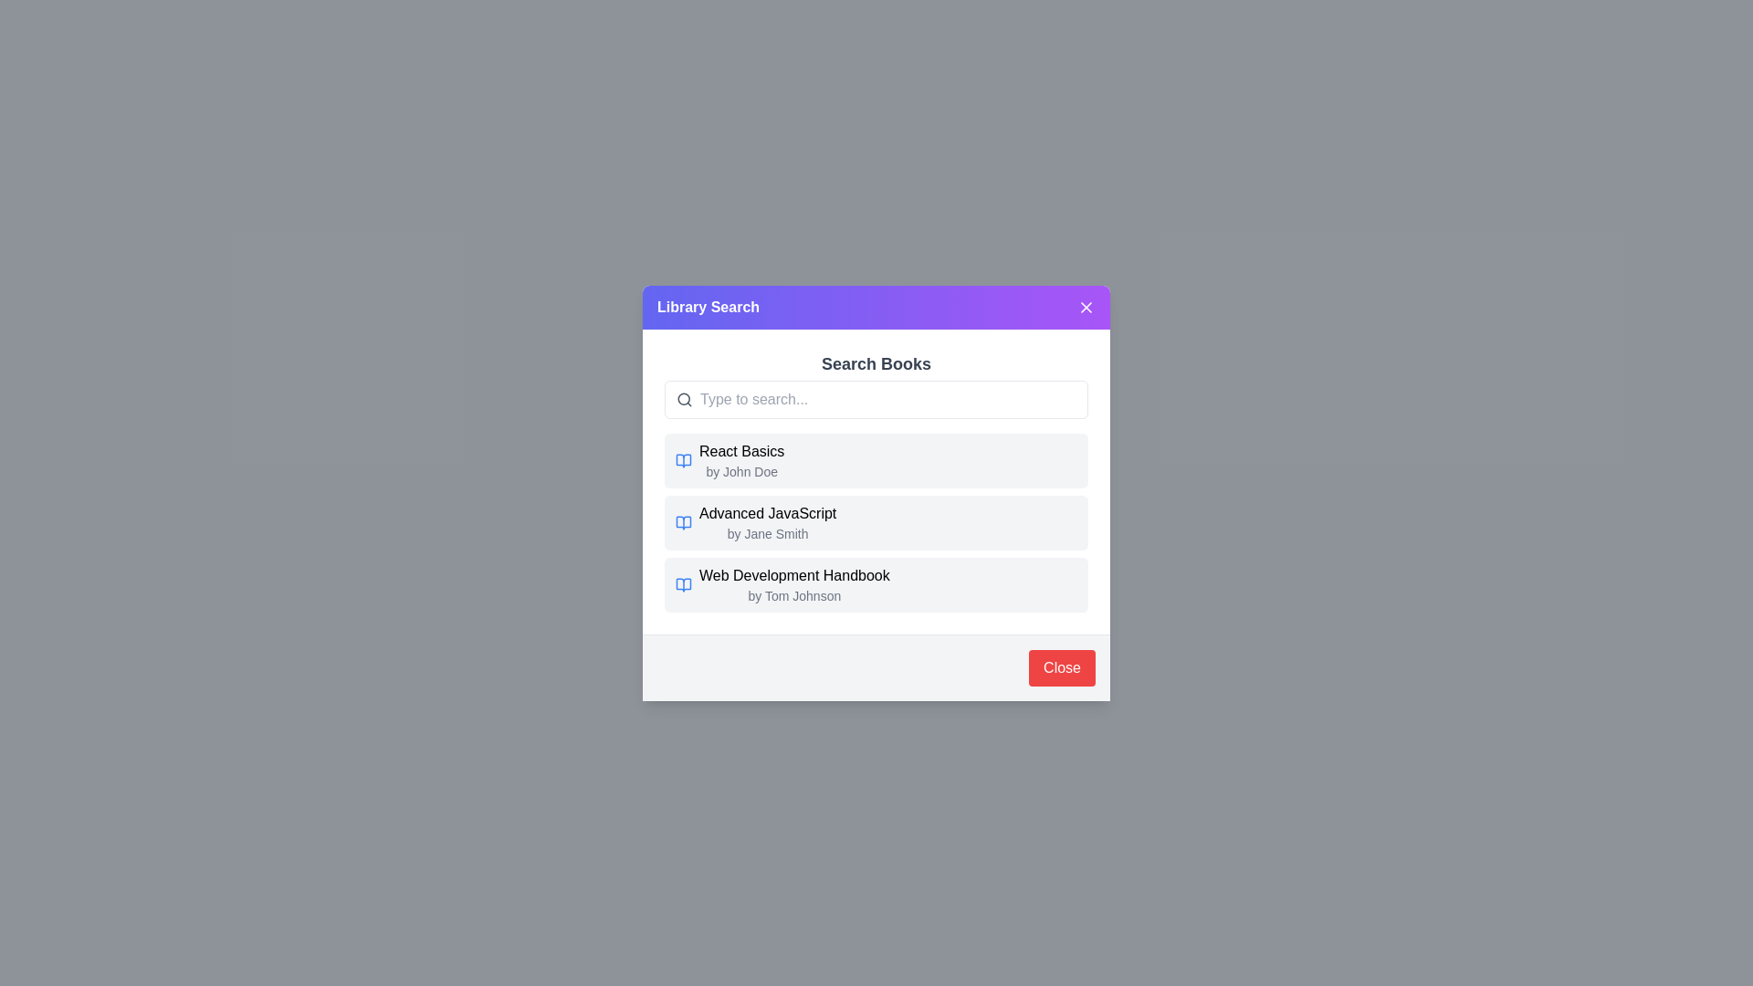 The height and width of the screenshot is (986, 1753). What do you see at coordinates (794, 595) in the screenshot?
I see `the text label 'by Tom Johnson' located beneath the book title 'Web Development Handbook' to trigger possible tooltips` at bounding box center [794, 595].